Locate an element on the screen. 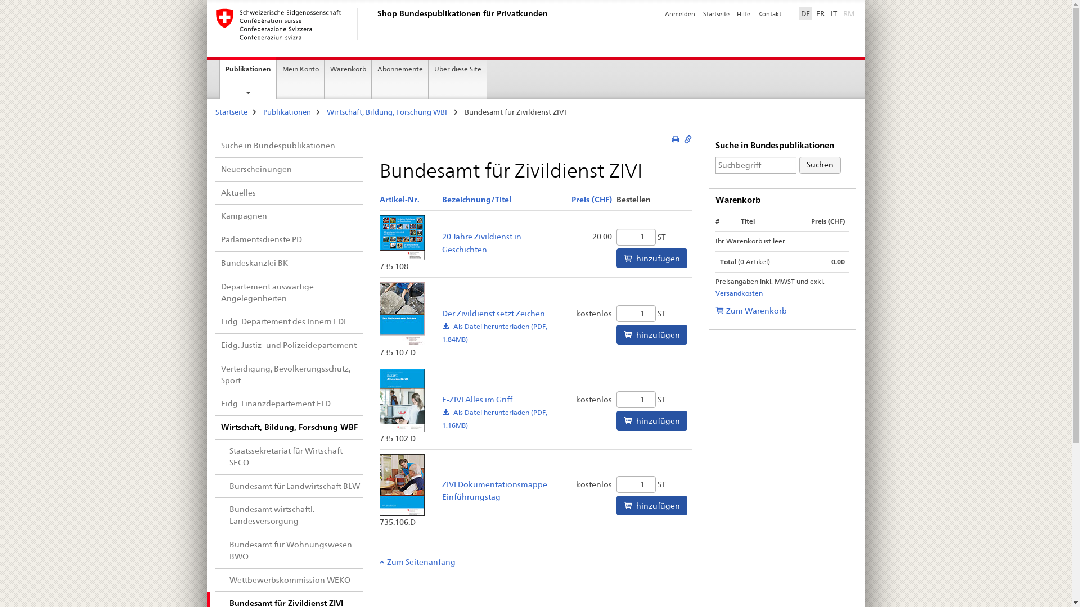 Image resolution: width=1080 pixels, height=607 pixels. 'E-ZIVI Alles im Griff: is located at coordinates (494, 418).